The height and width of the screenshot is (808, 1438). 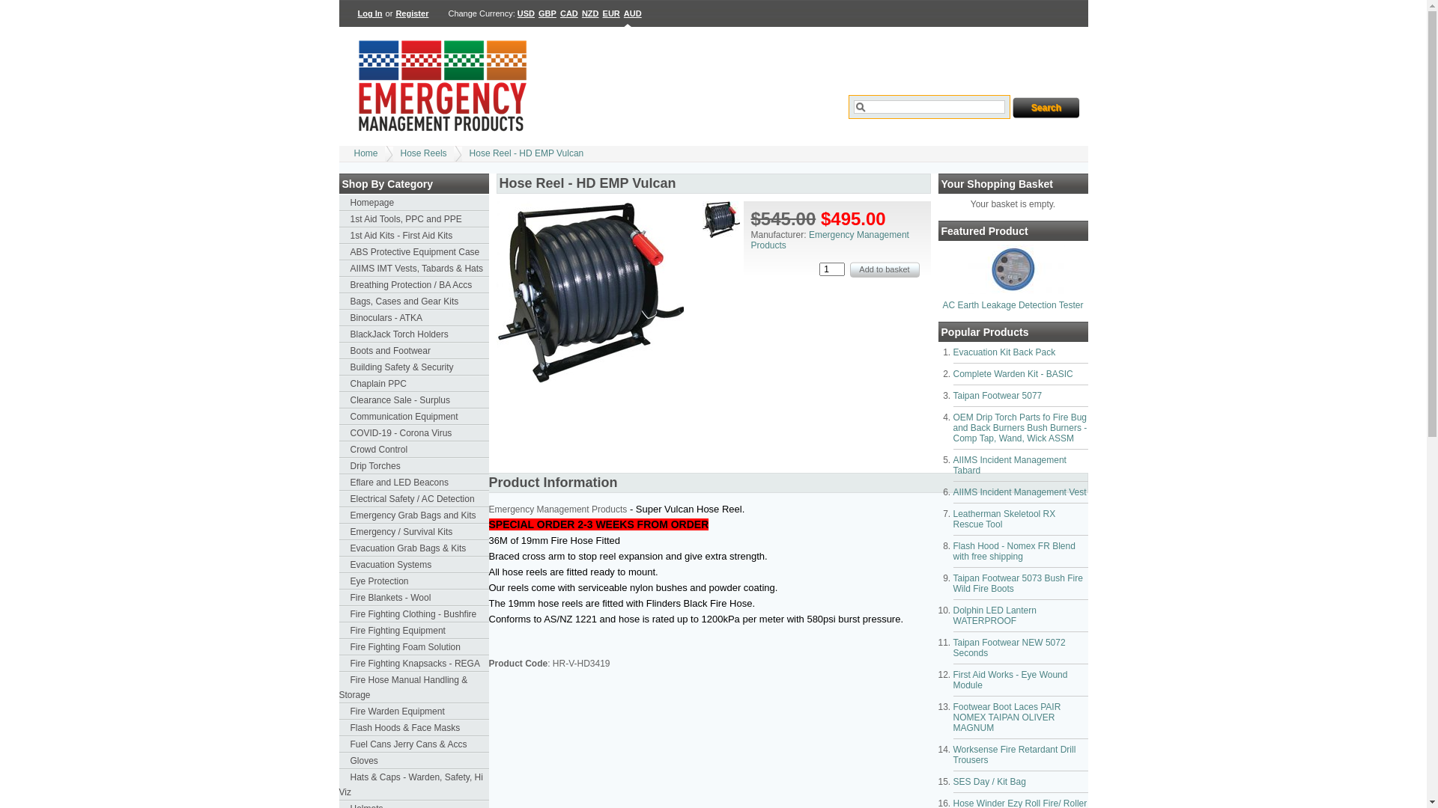 I want to click on 'Worksense Fire Retardant Drill Trousers', so click(x=1013, y=755).